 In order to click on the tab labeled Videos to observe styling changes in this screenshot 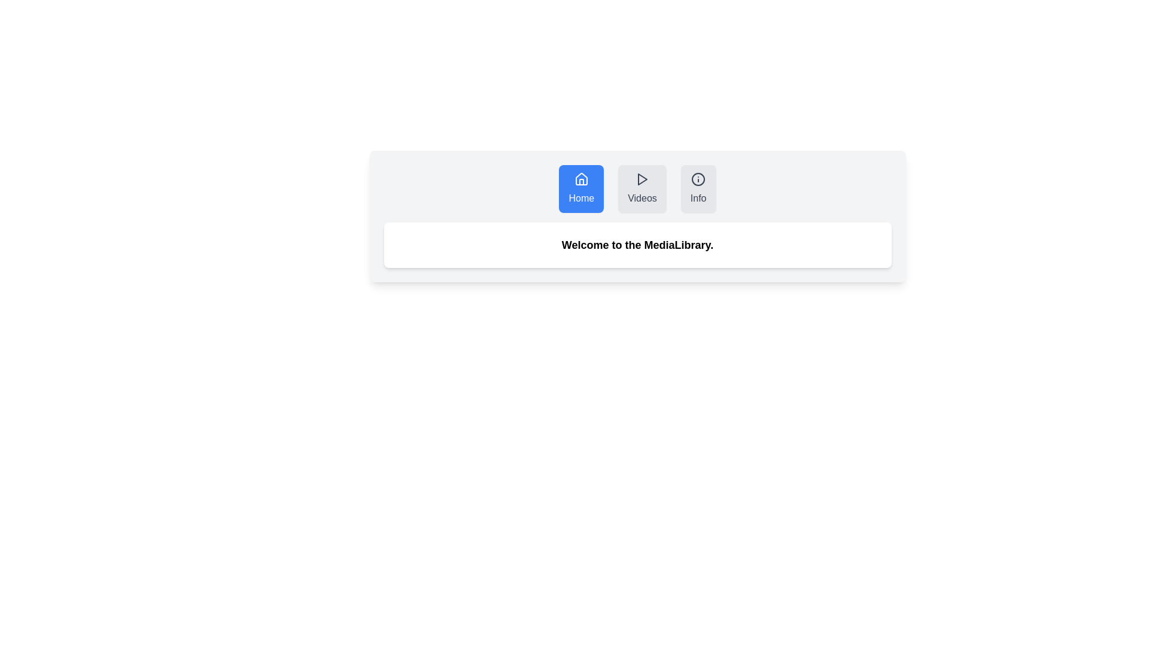, I will do `click(642, 188)`.